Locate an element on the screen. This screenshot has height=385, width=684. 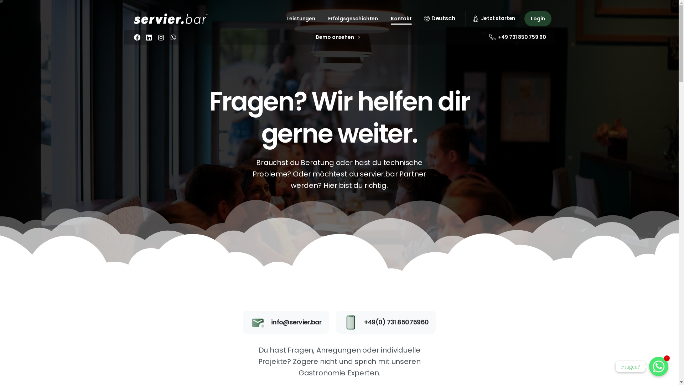
'Jetzt starten' is located at coordinates (494, 18).